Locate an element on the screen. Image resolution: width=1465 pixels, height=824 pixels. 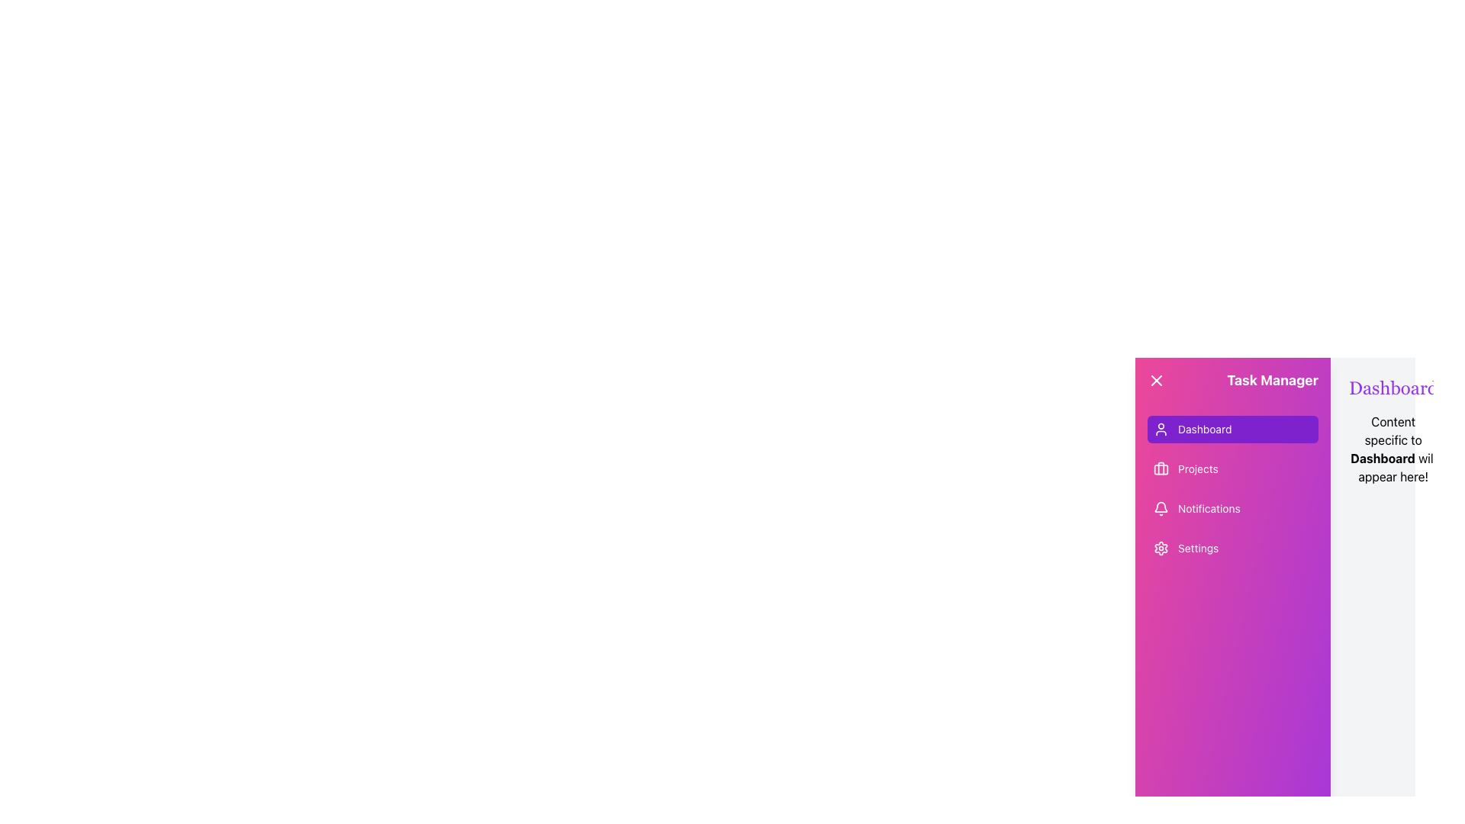
text 'Dashboard' which is displayed within a sentence providing context about the Dashboard, located in the explanatory note section is located at coordinates (1383, 458).